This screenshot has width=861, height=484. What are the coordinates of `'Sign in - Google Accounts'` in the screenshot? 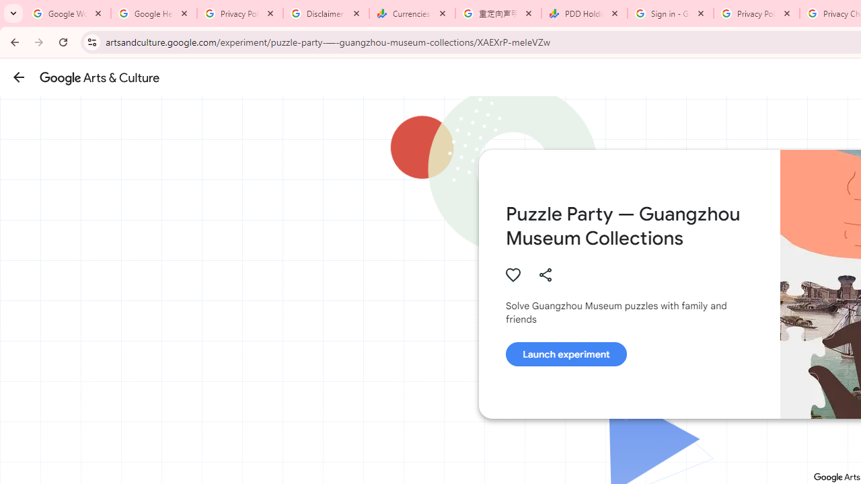 It's located at (671, 13).